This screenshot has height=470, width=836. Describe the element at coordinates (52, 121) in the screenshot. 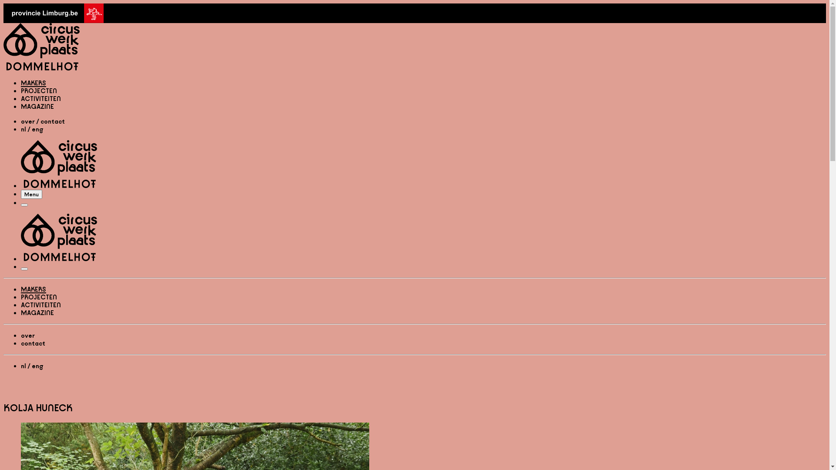

I see `'contact'` at that location.